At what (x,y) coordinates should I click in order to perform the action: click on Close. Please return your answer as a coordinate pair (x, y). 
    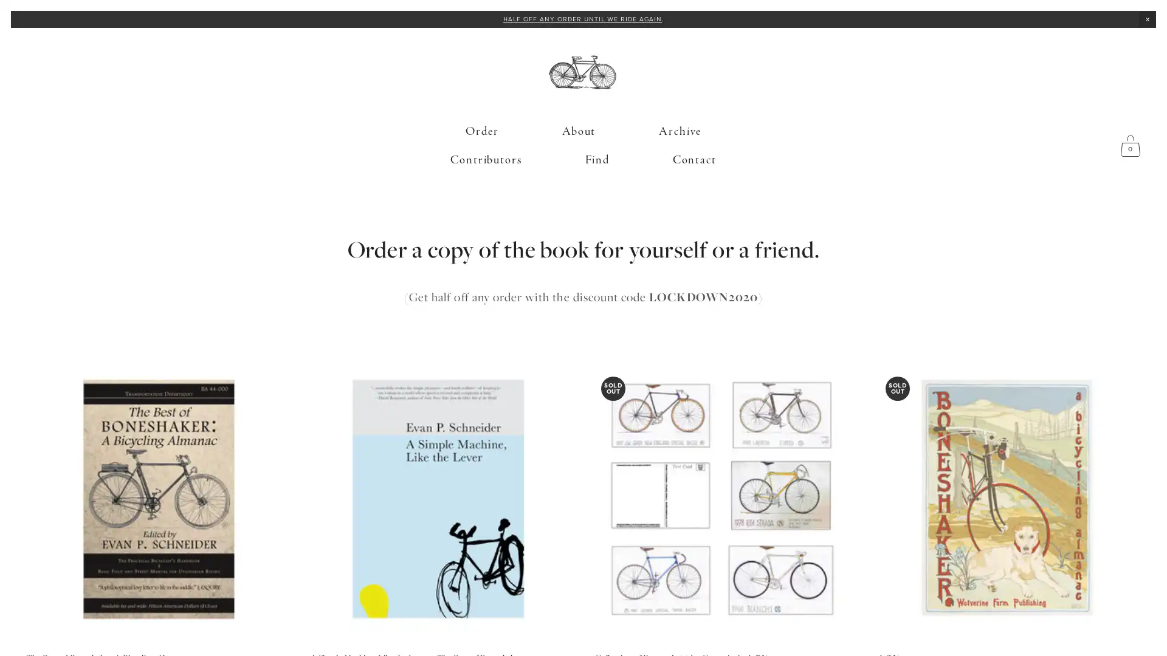
    Looking at the image, I should click on (794, 196).